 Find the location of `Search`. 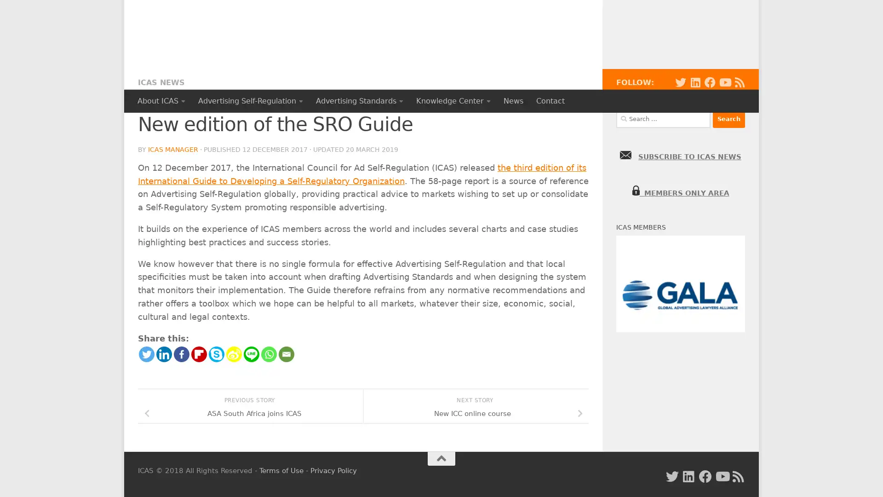

Search is located at coordinates (728, 162).